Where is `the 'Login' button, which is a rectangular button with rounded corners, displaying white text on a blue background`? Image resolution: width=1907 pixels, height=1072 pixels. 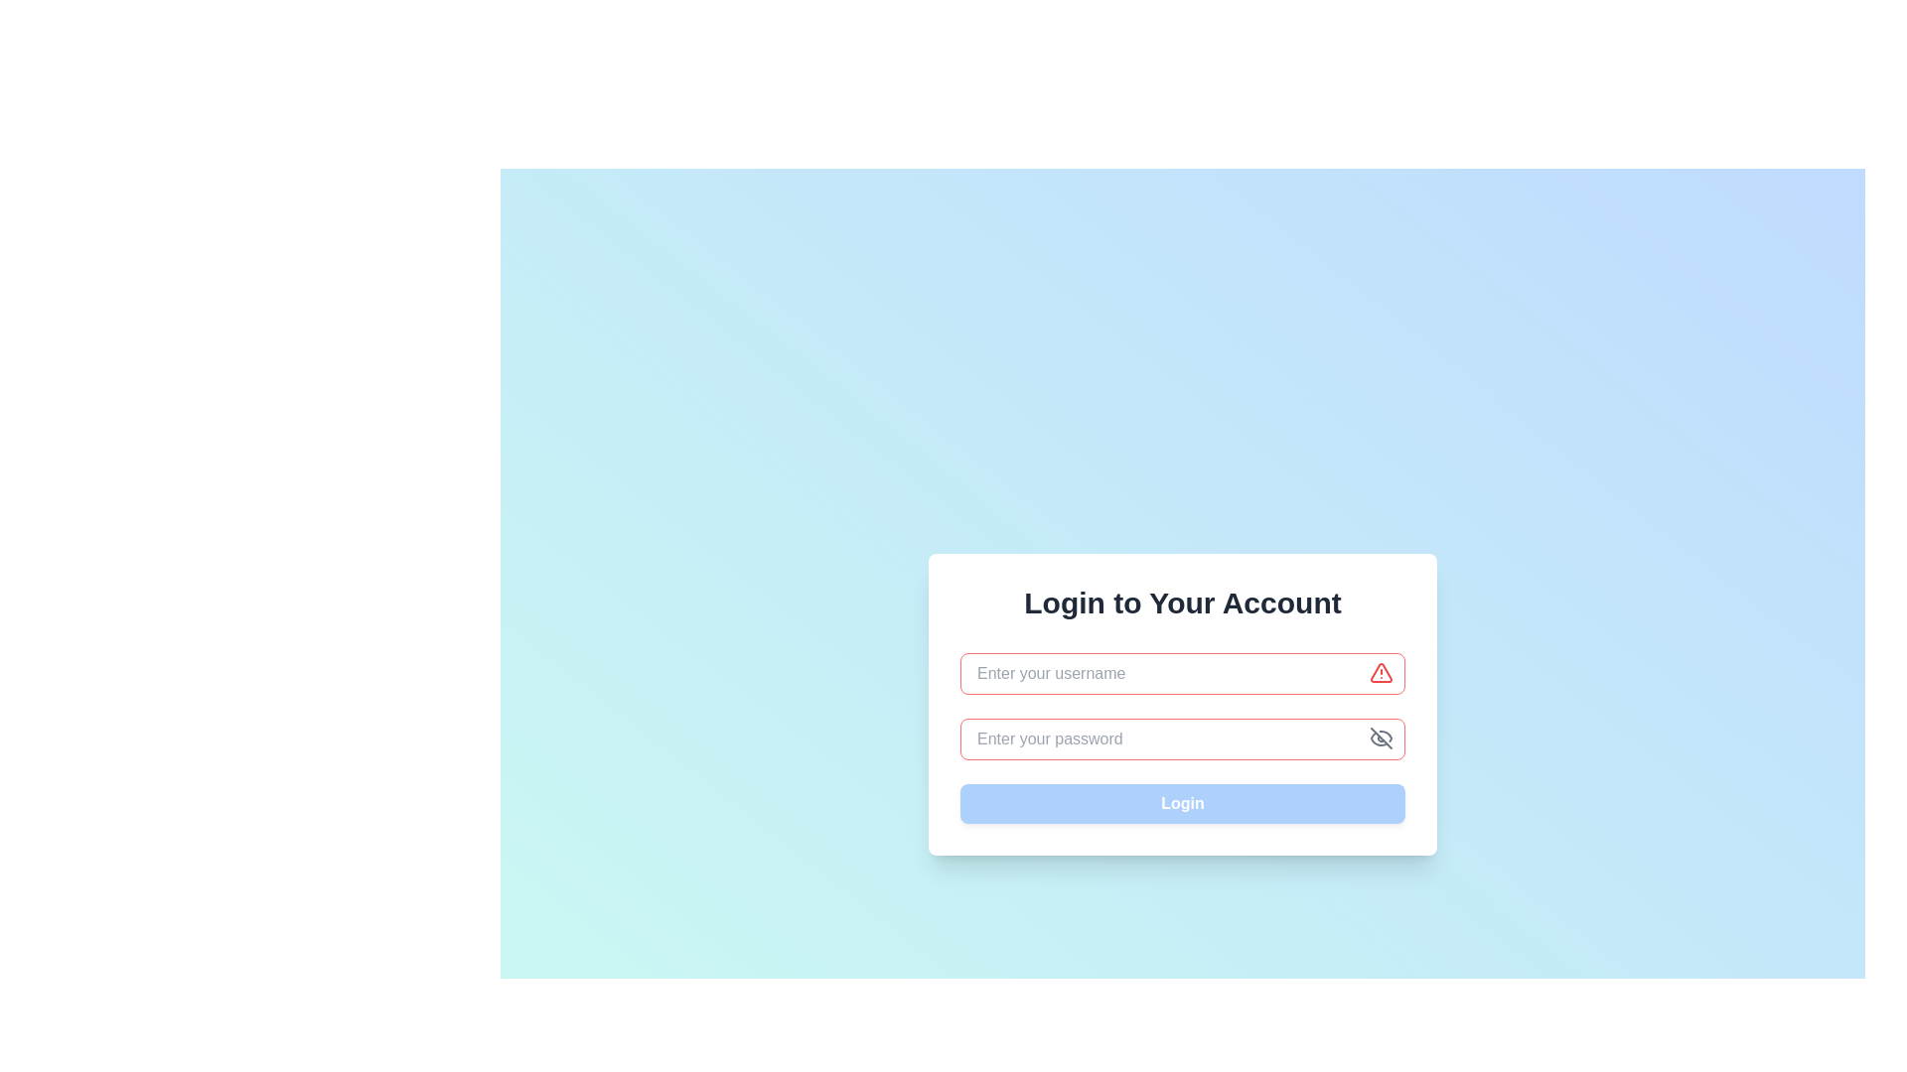 the 'Login' button, which is a rectangular button with rounded corners, displaying white text on a blue background is located at coordinates (1182, 804).